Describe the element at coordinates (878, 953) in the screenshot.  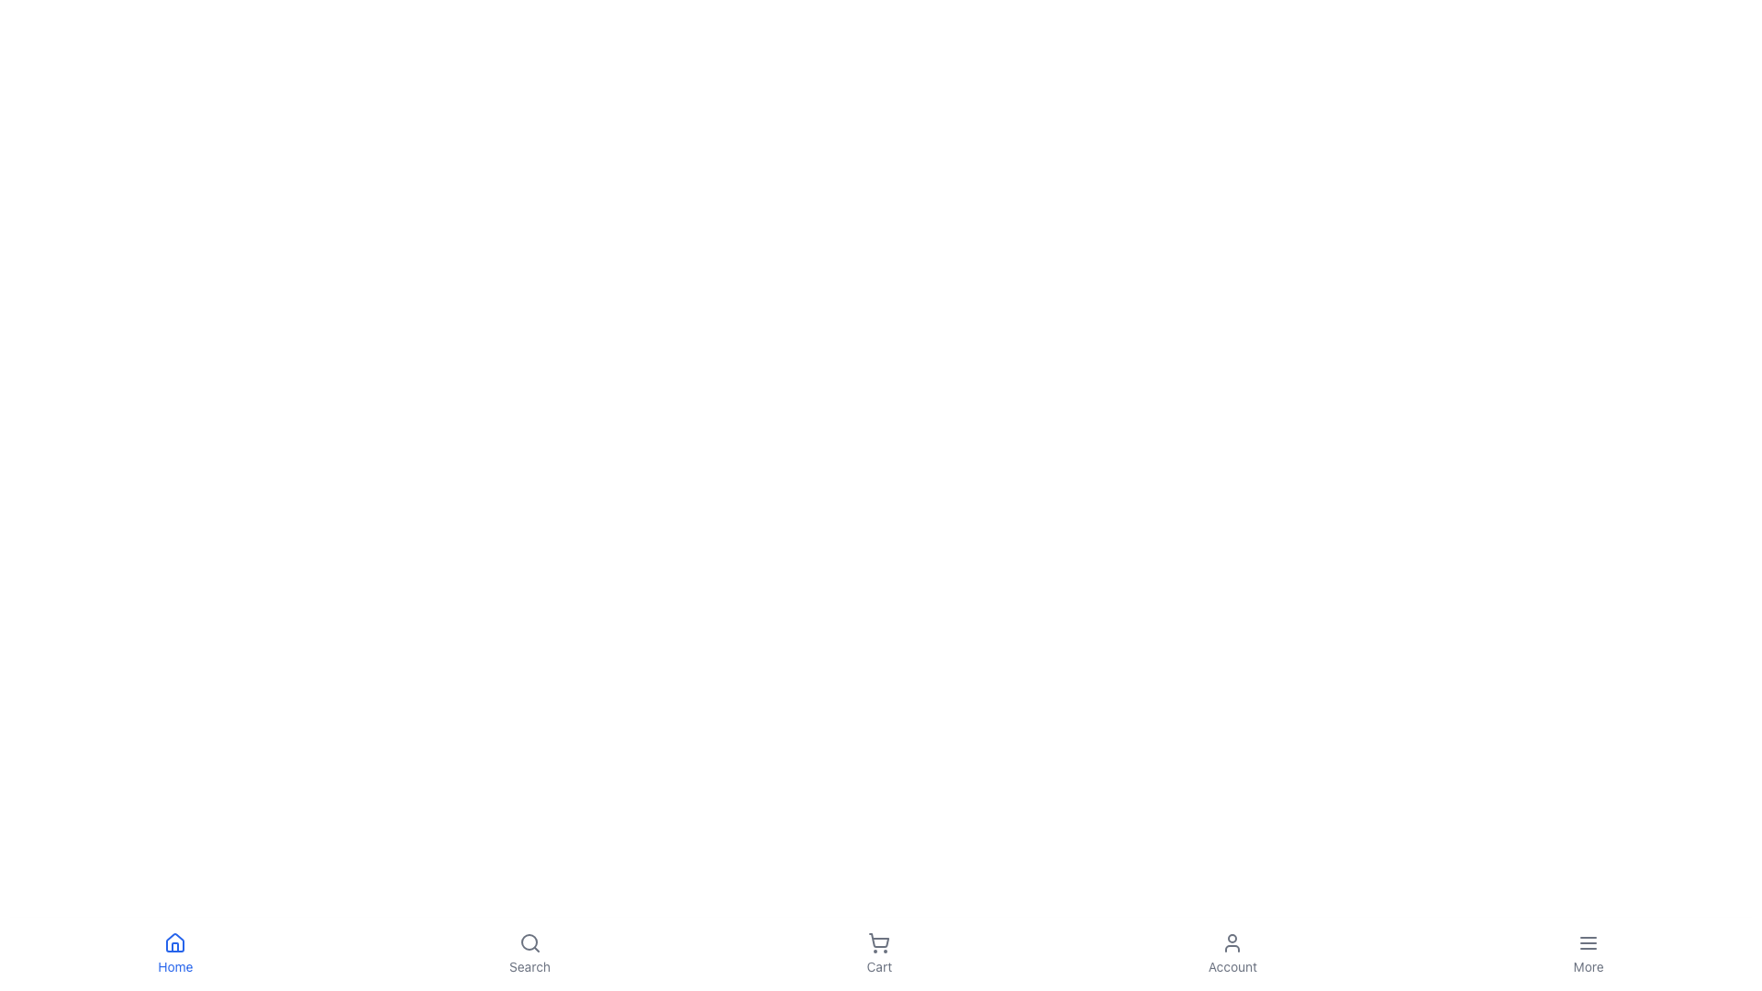
I see `the 'Cart' button in the bottom navigation bar to change its color` at that location.